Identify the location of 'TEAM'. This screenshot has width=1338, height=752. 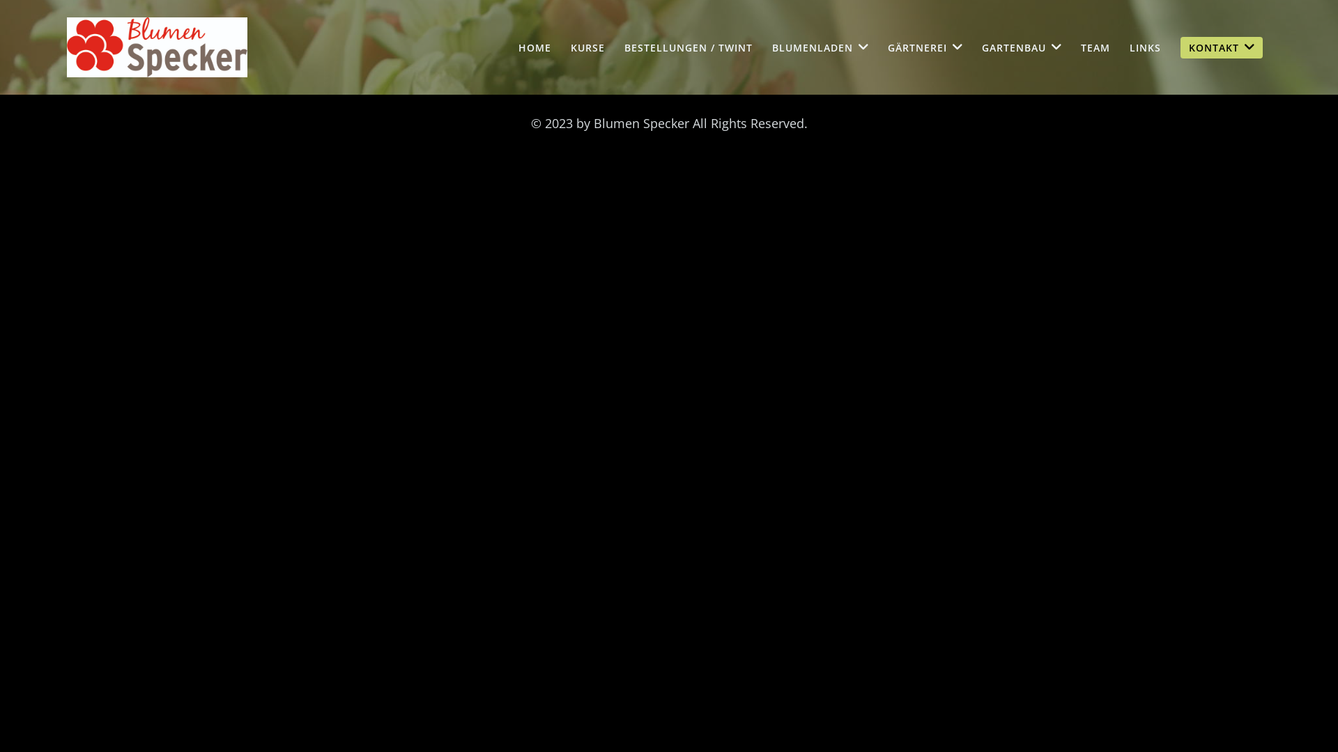
(1094, 47).